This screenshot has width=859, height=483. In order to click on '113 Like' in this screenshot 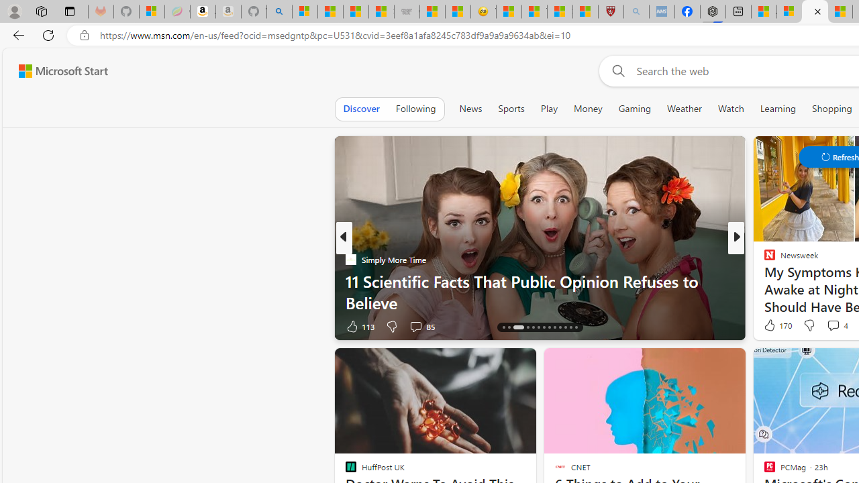, I will do `click(359, 326)`.